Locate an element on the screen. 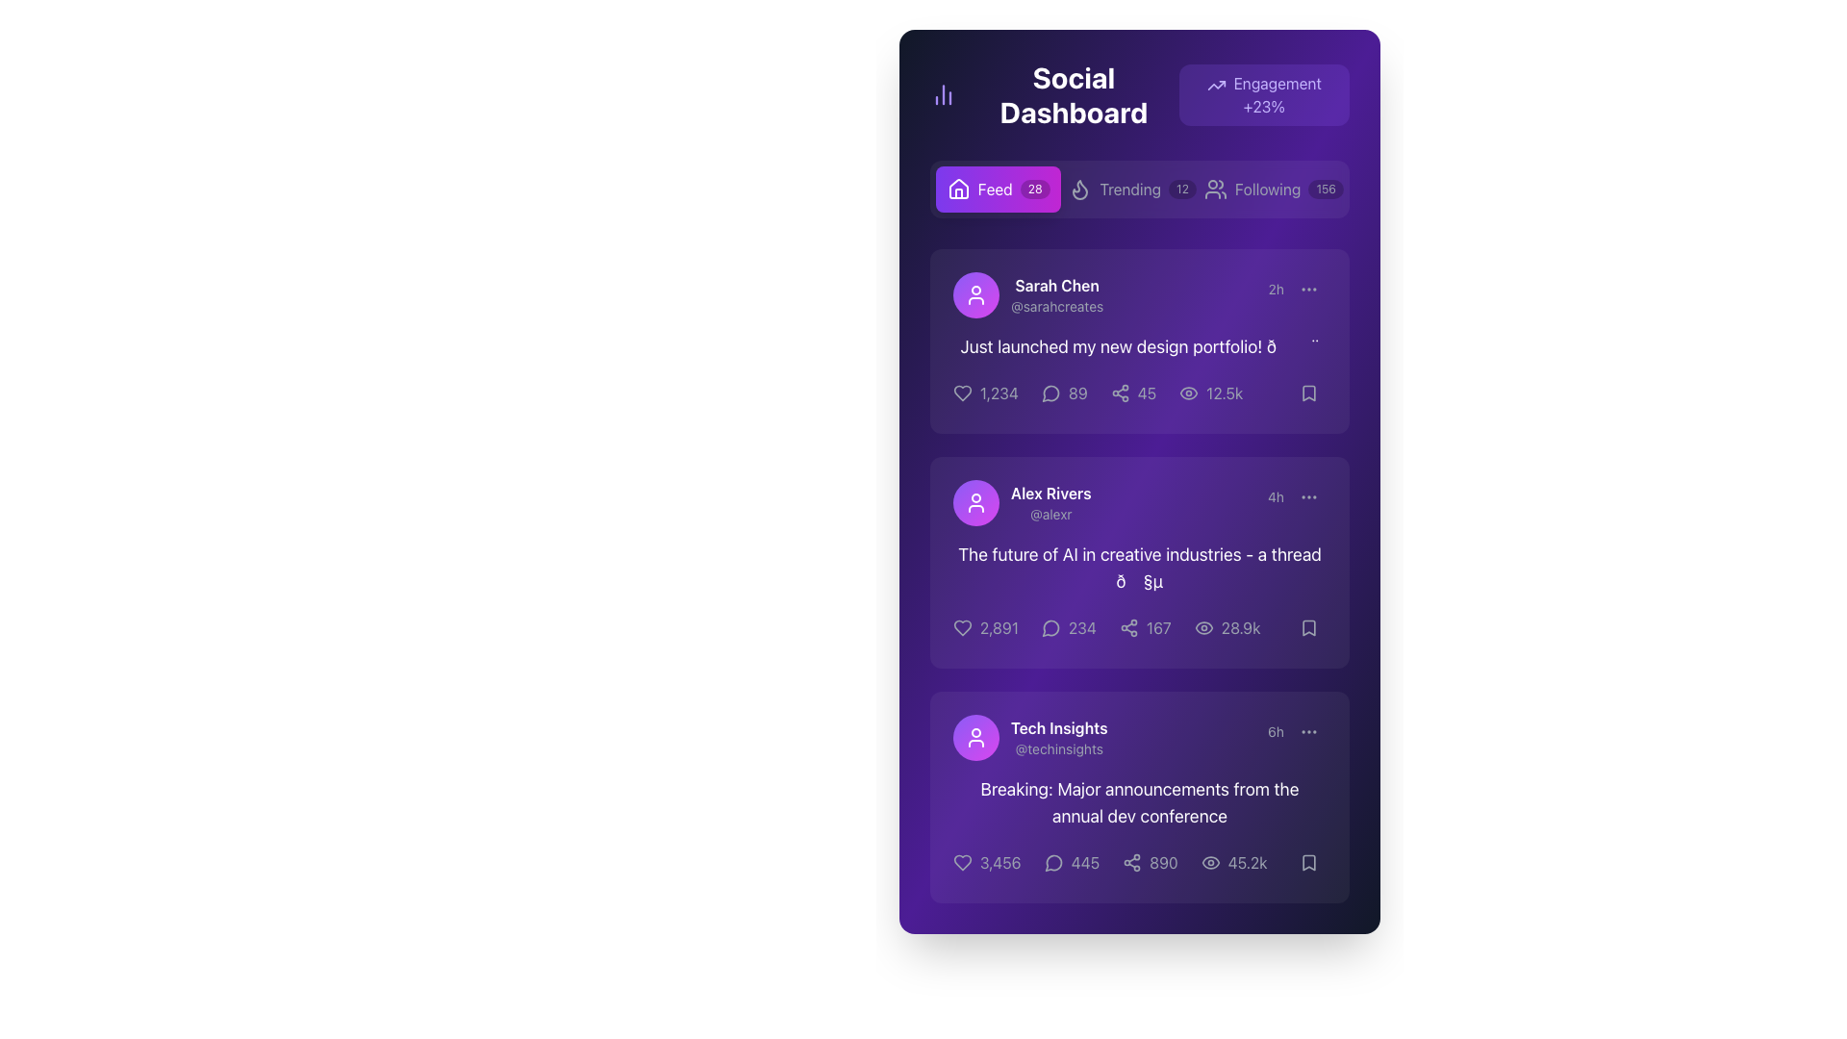 This screenshot has height=1039, width=1847. the interactive label displaying the text '2,891' which is is located at coordinates (985, 627).